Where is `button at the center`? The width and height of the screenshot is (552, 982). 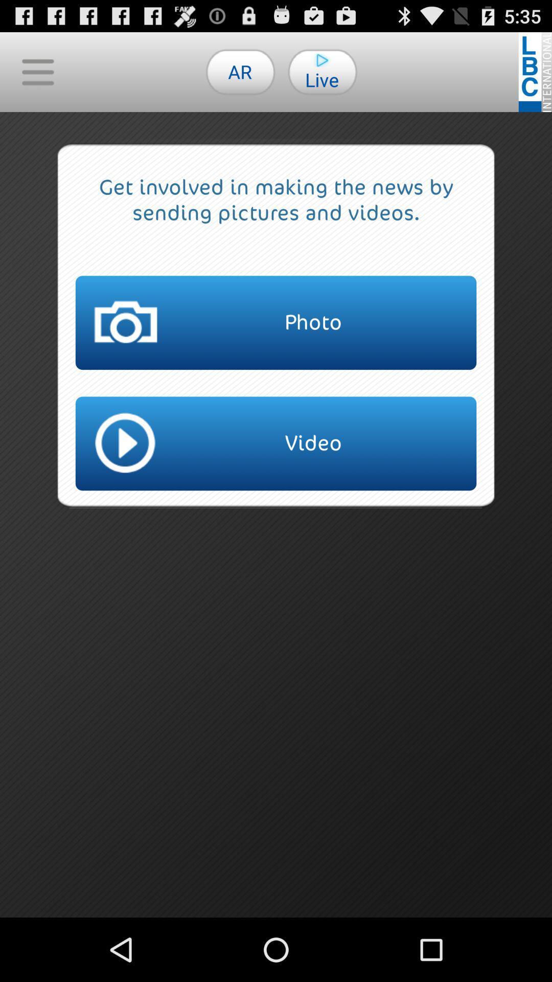
button at the center is located at coordinates (276, 443).